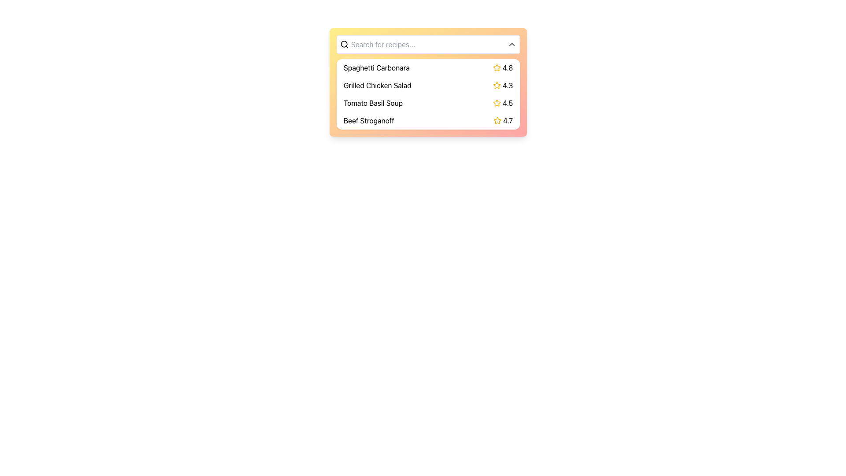 The width and height of the screenshot is (846, 476). Describe the element at coordinates (497, 102) in the screenshot. I see `the third star icon representing the user rating for 'Tomato Basil Soup', which indicates a rating of '4.5'` at that location.